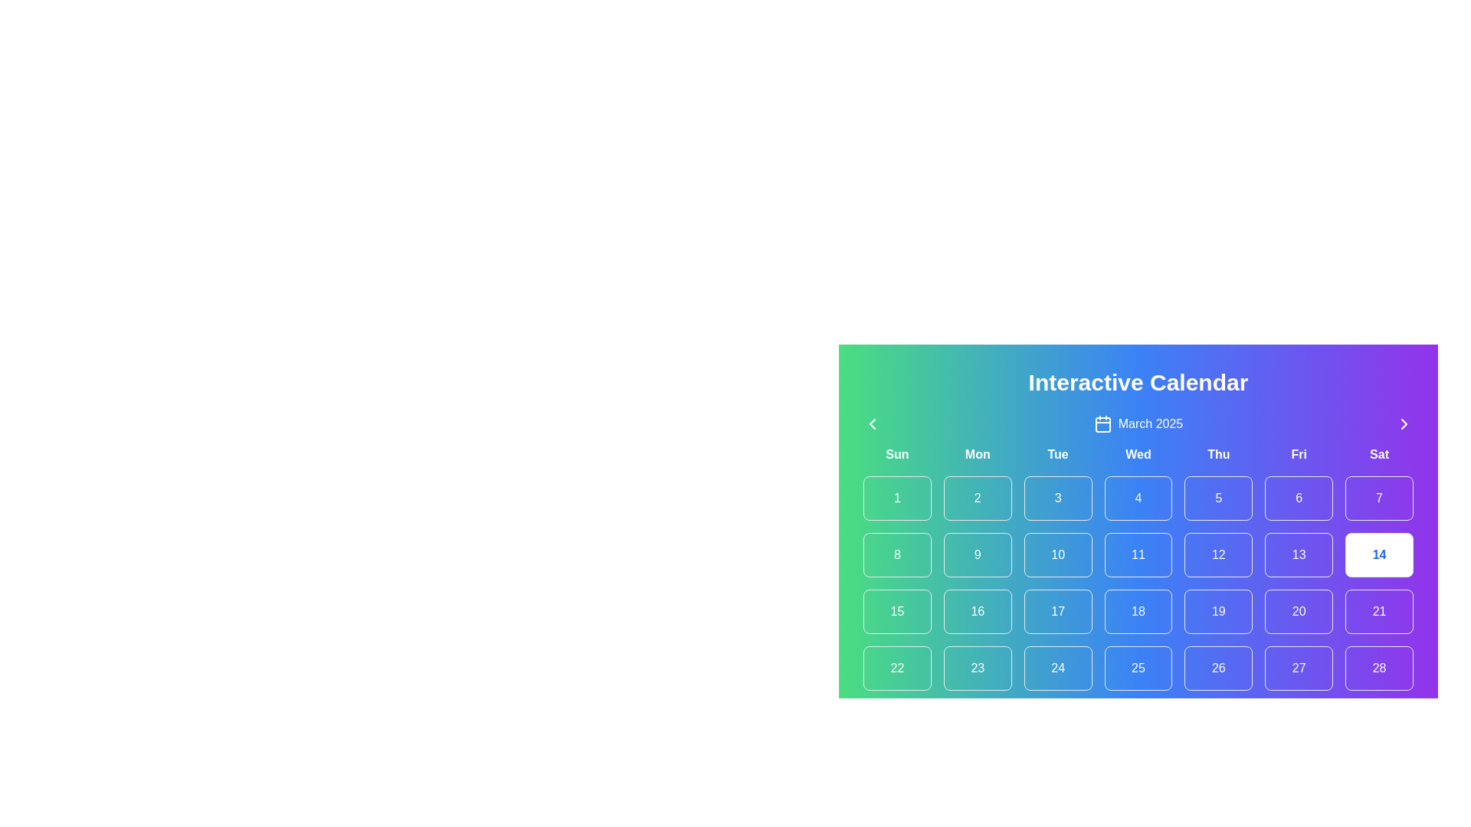 The image size is (1471, 827). What do you see at coordinates (1138, 555) in the screenshot?
I see `the button representing the 11th date of the month located under the 'Wed' column in the second row and fourth column of the interactive calendar grid` at bounding box center [1138, 555].